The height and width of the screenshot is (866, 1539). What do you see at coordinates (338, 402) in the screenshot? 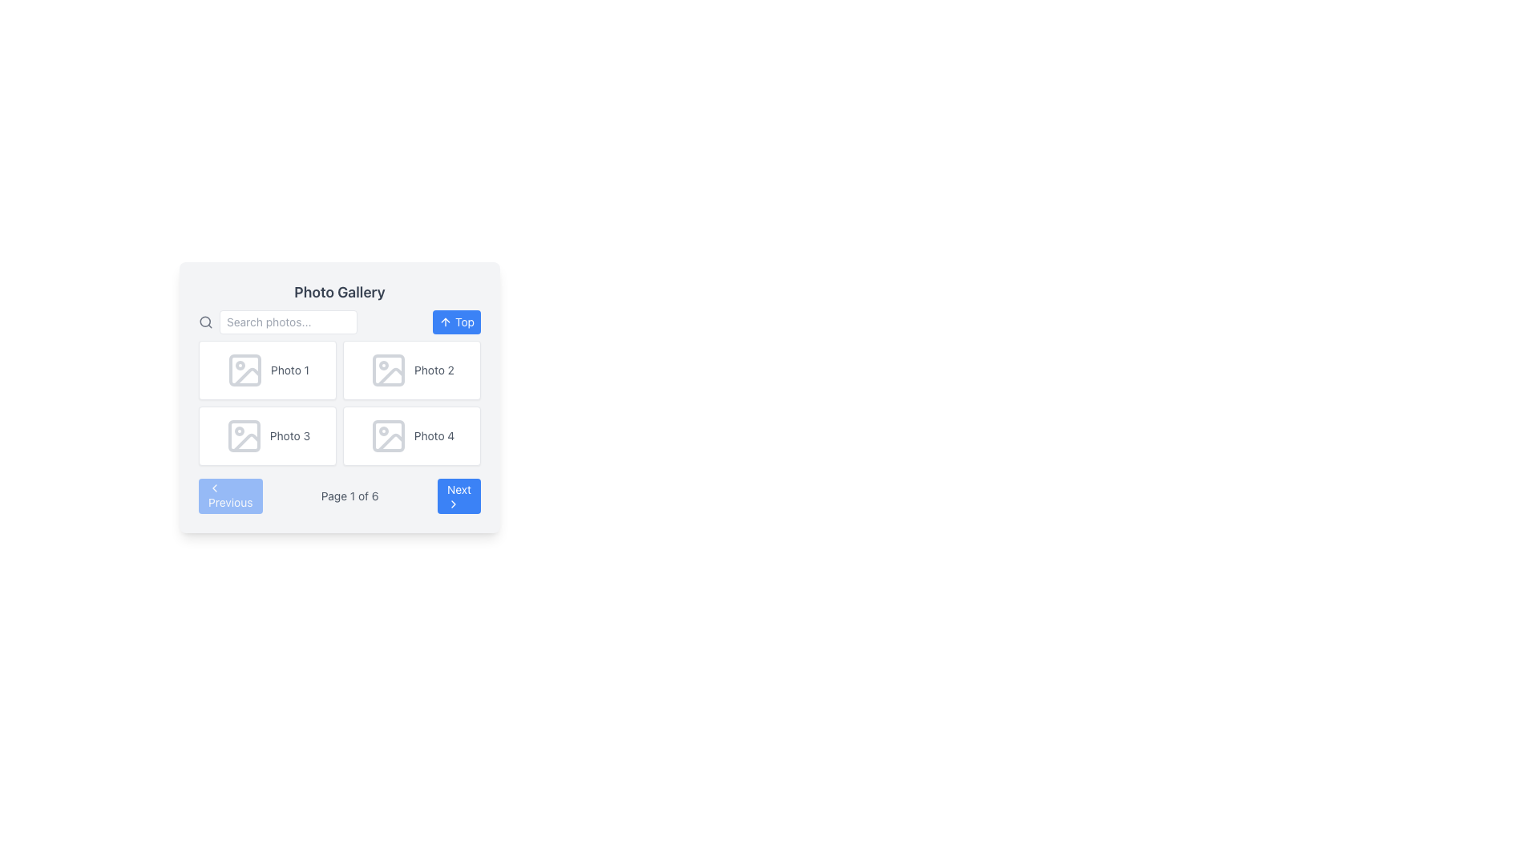
I see `a photo card within the Grid layout containing image cards` at bounding box center [338, 402].